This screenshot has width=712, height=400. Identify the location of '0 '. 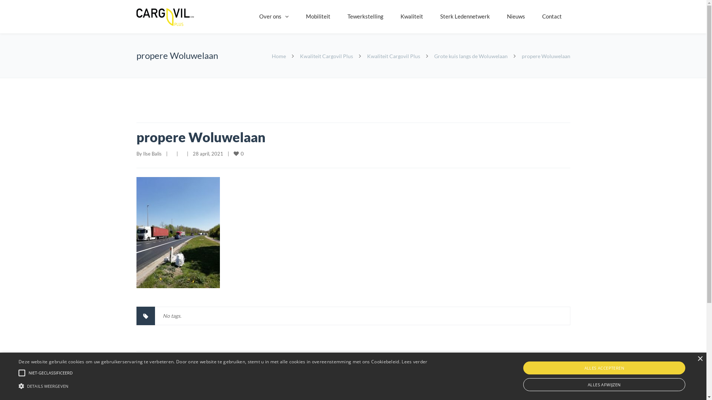
(239, 153).